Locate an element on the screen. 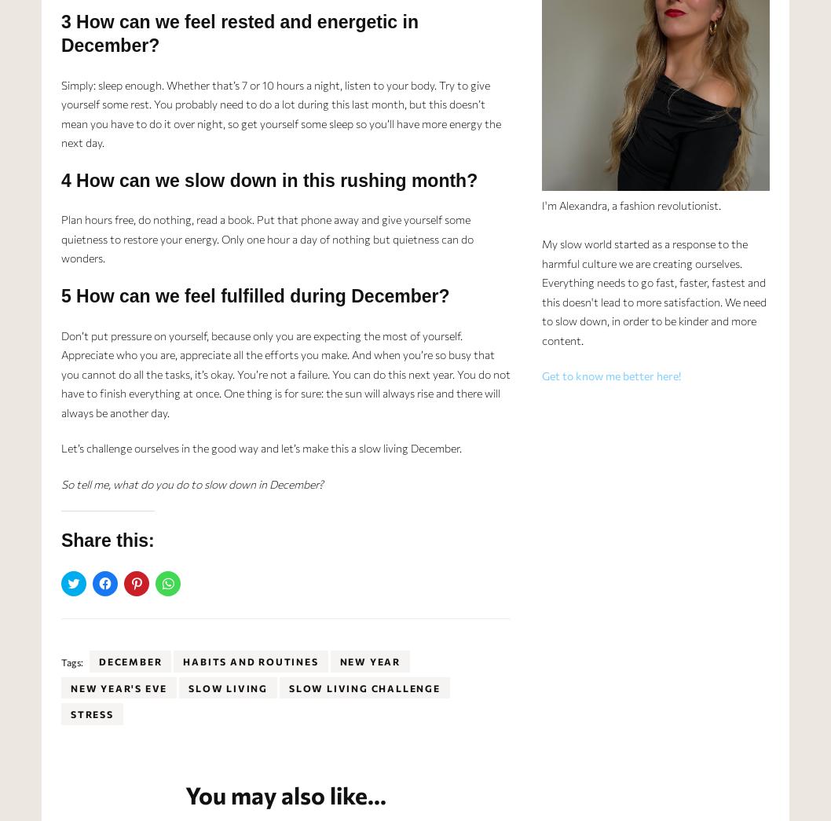 This screenshot has width=831, height=821. 'You may also like...' is located at coordinates (285, 794).